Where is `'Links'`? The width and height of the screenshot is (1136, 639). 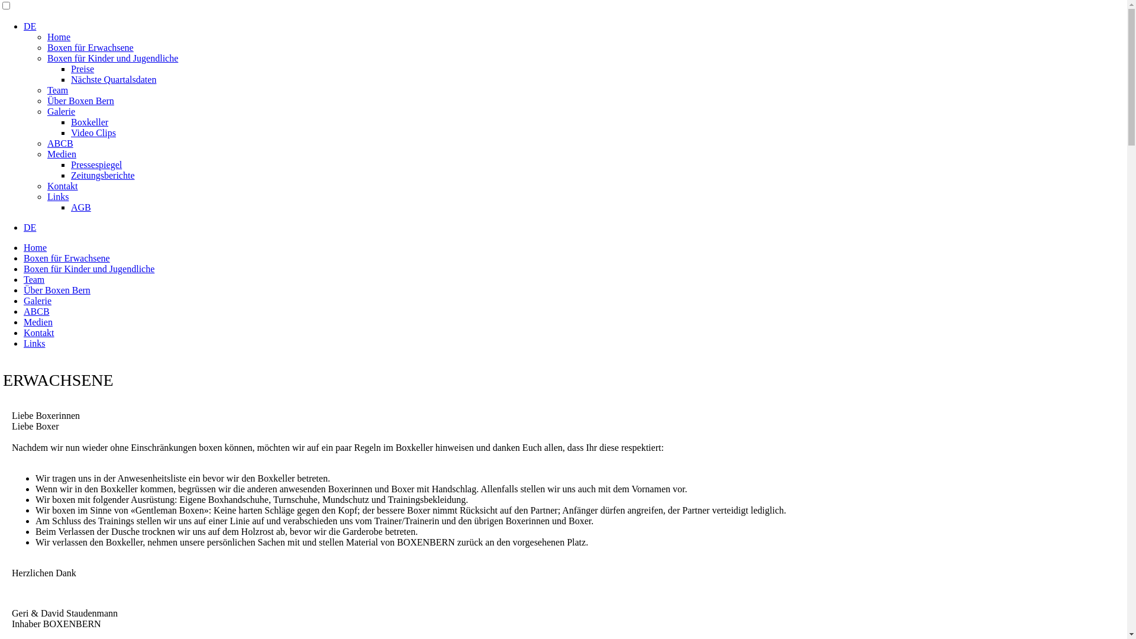
'Links' is located at coordinates (34, 343).